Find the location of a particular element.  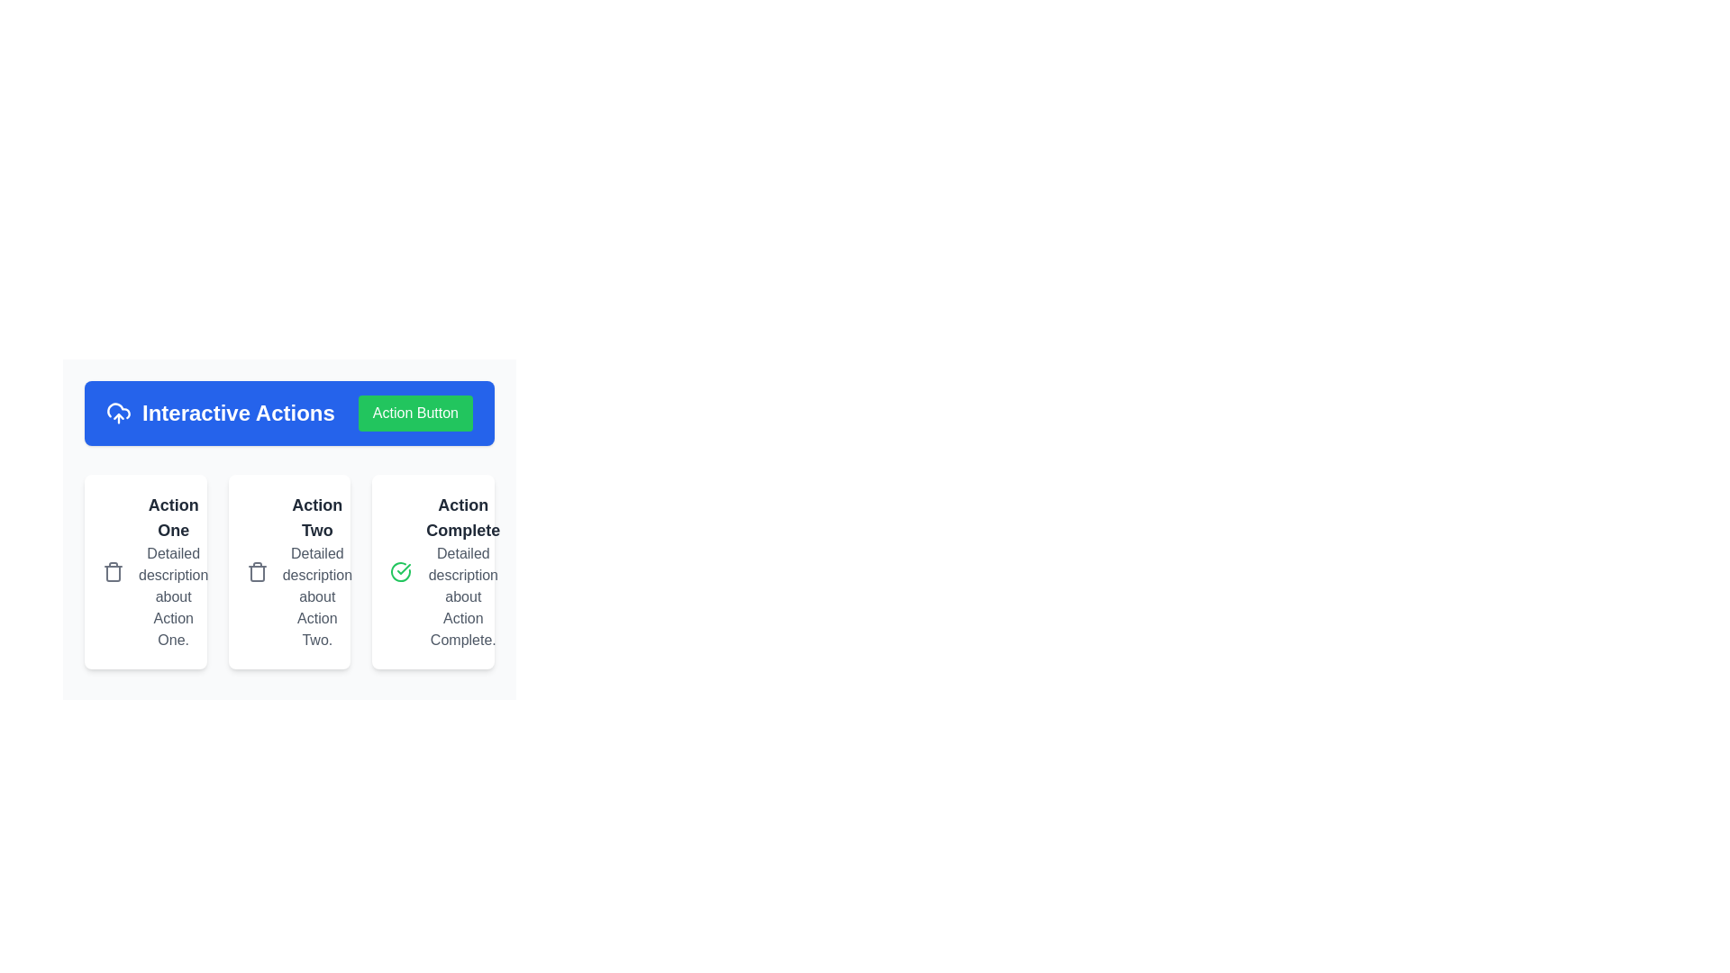

the trash can icon located in the top-left corner of the 'Action Two' card is located at coordinates (256, 572).